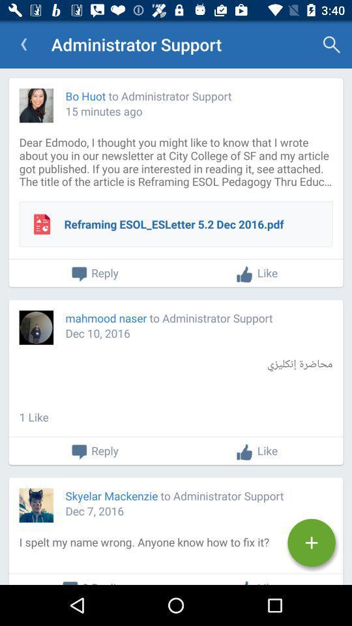 This screenshot has width=352, height=626. What do you see at coordinates (257, 452) in the screenshot?
I see `the text right to reply which is below mahmood naser to administrator support` at bounding box center [257, 452].